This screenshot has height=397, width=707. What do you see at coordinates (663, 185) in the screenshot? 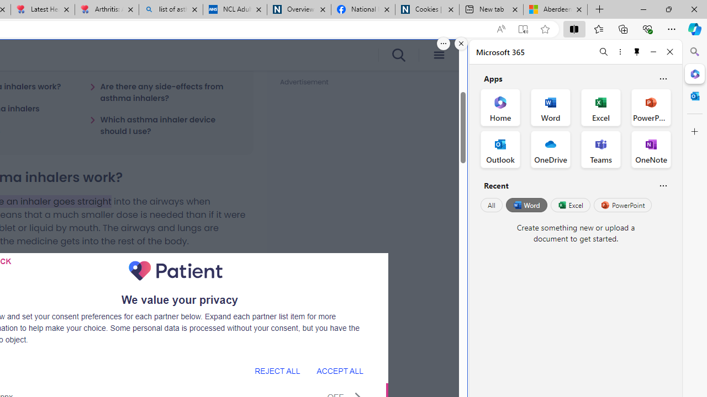
I see `'Is this helpful?'` at bounding box center [663, 185].